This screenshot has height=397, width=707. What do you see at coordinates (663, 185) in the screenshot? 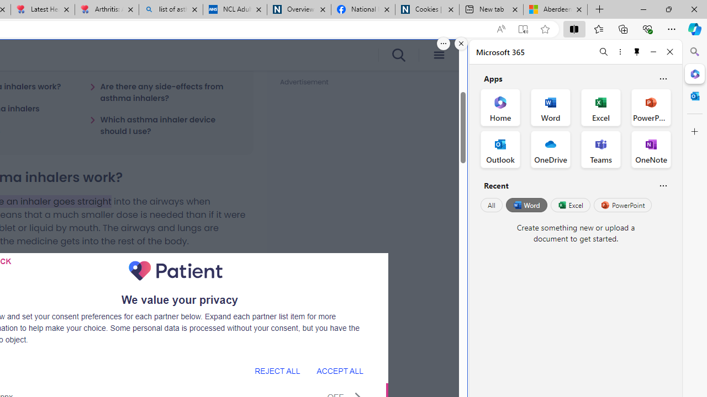
I see `'Is this helpful?'` at bounding box center [663, 185].